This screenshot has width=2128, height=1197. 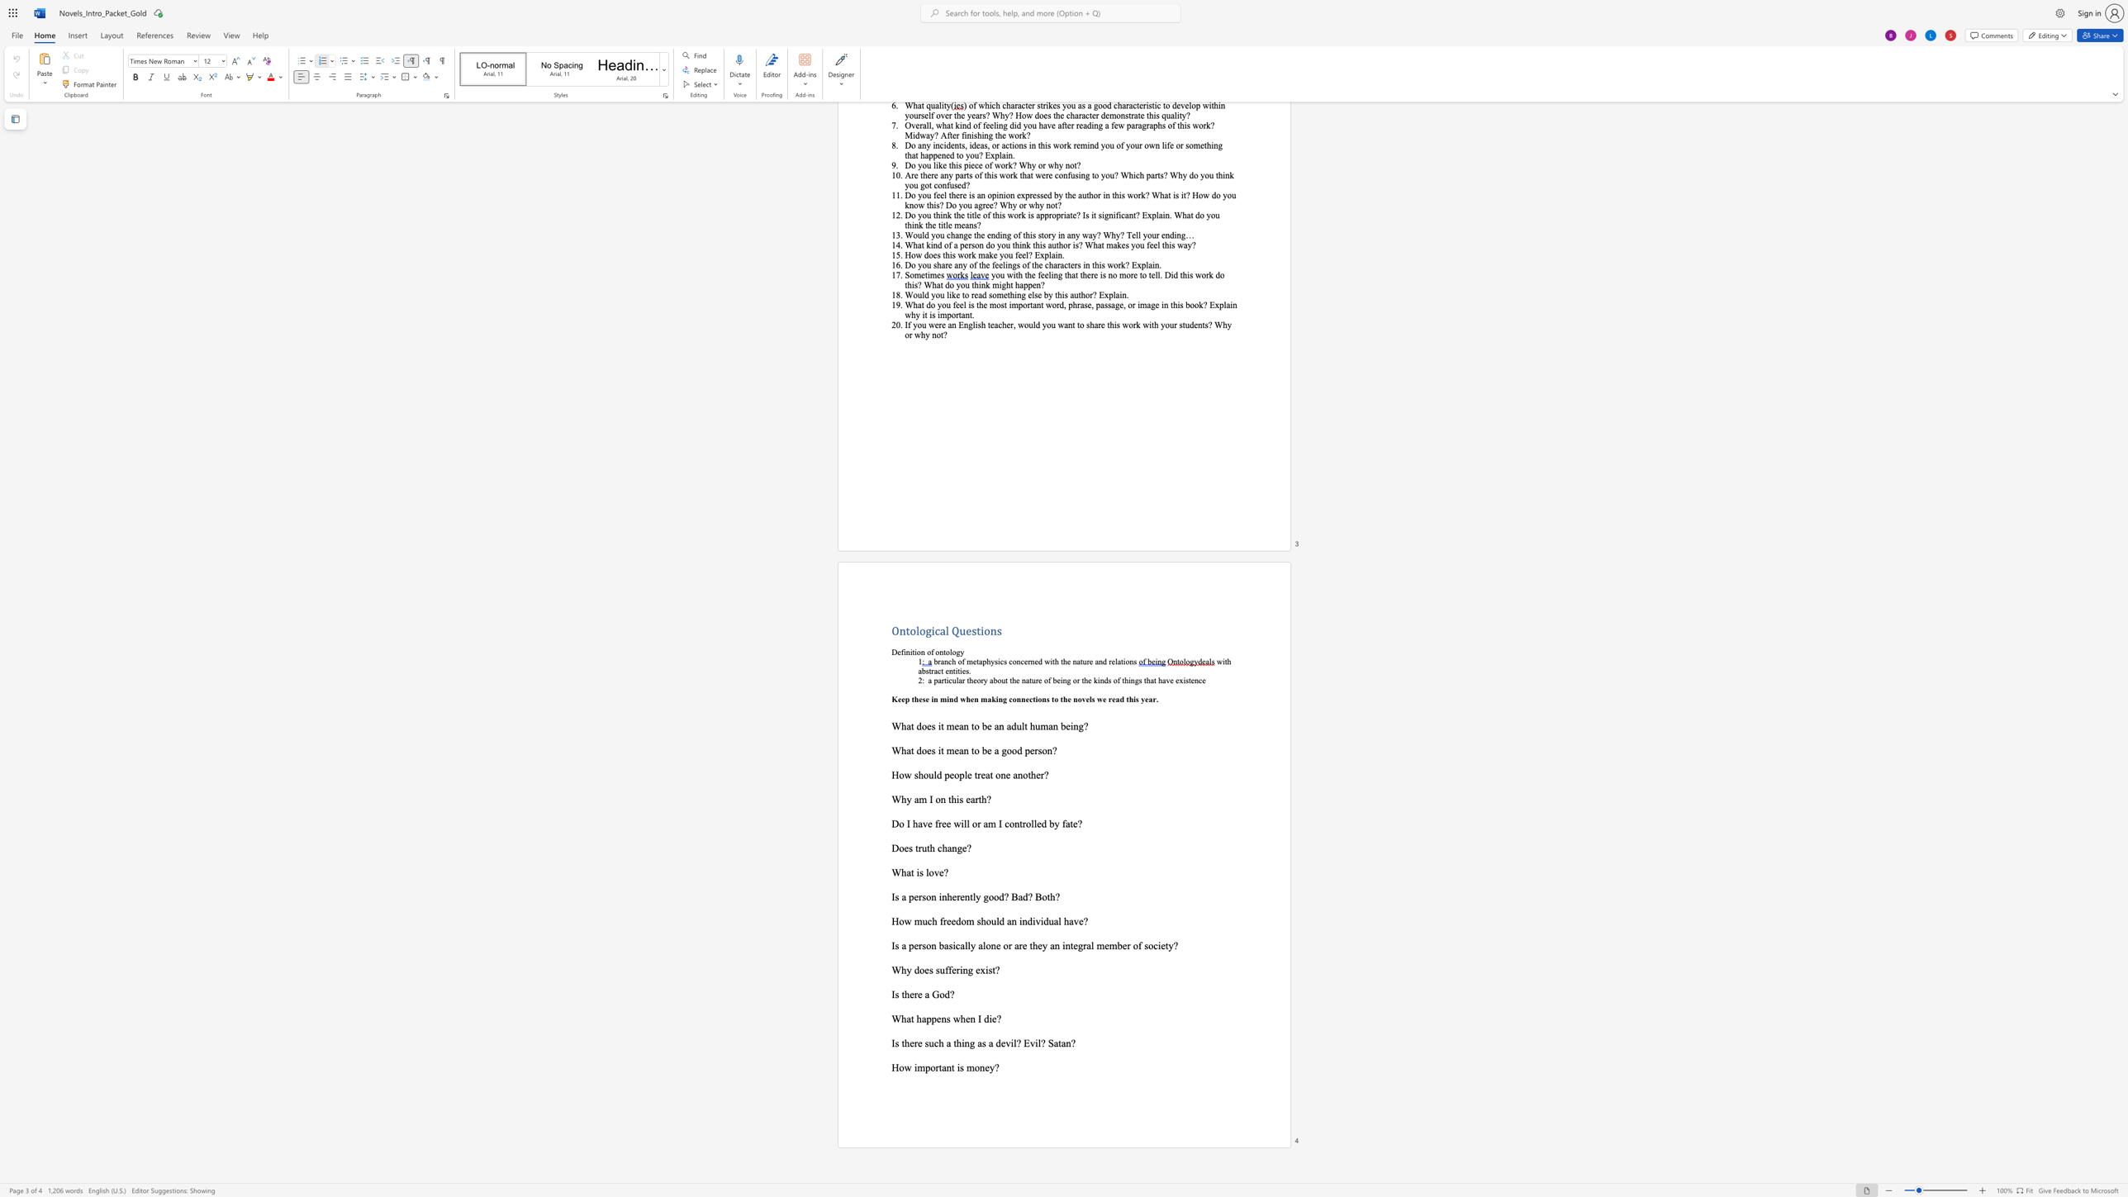 What do you see at coordinates (924, 671) in the screenshot?
I see `the 1th character "b" in the text` at bounding box center [924, 671].